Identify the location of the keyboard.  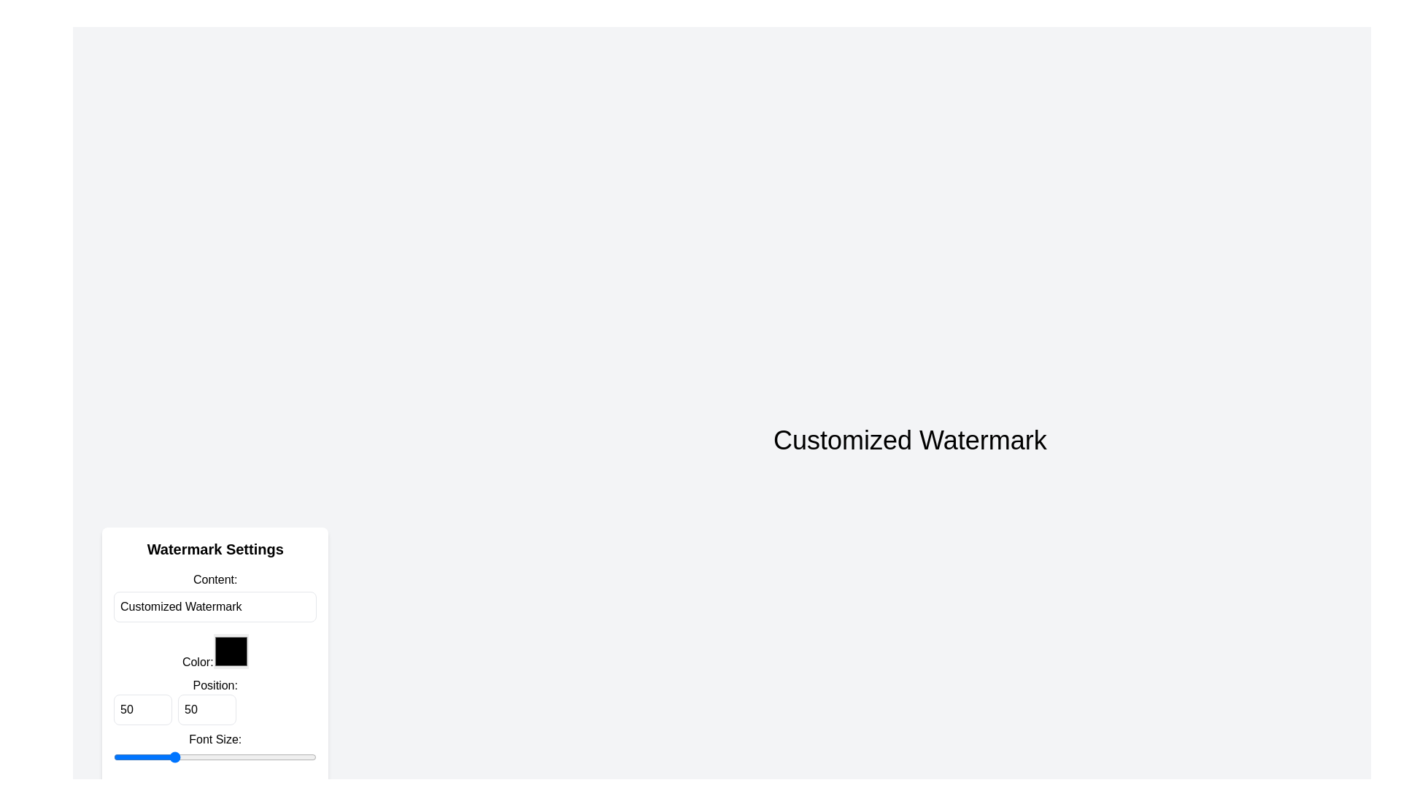
(215, 649).